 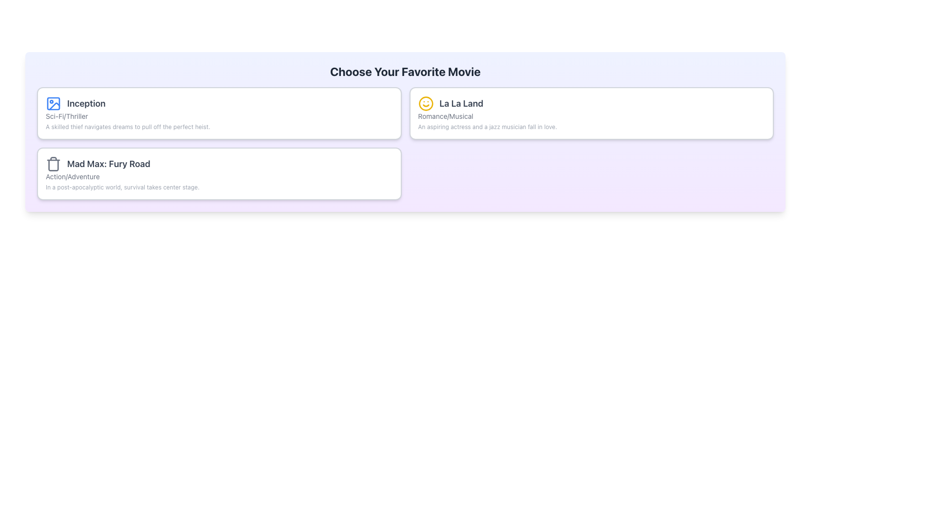 I want to click on the icon component representing the placeholder for image content of the 'Inception' movie thumbnail, located in the top-left corner above the title and description, so click(x=53, y=103).